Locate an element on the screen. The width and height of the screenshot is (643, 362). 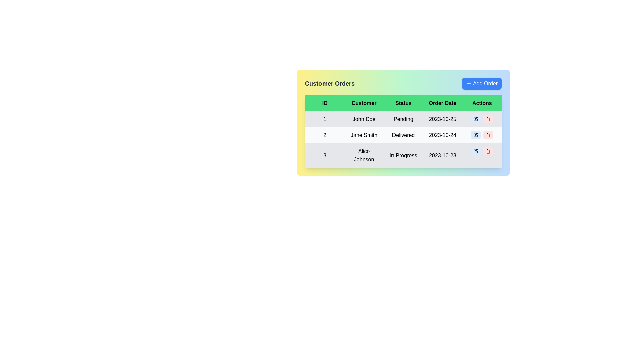
the trash icon located is located at coordinates (488, 119).